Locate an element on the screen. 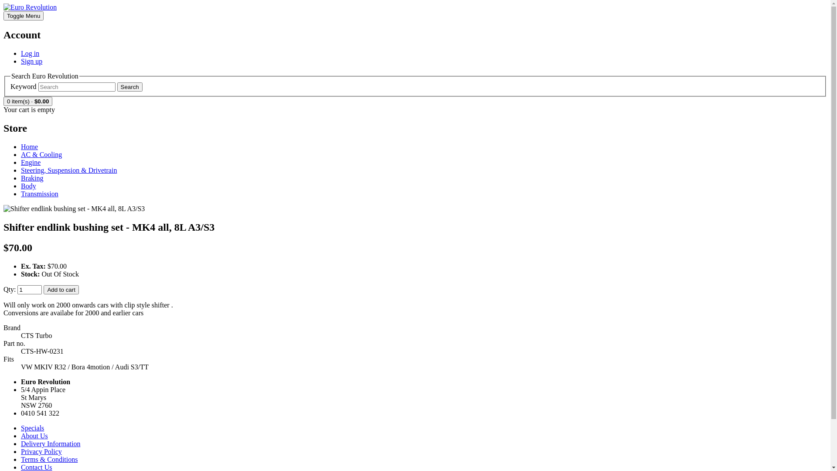  'Euro Revolution' is located at coordinates (30, 7).